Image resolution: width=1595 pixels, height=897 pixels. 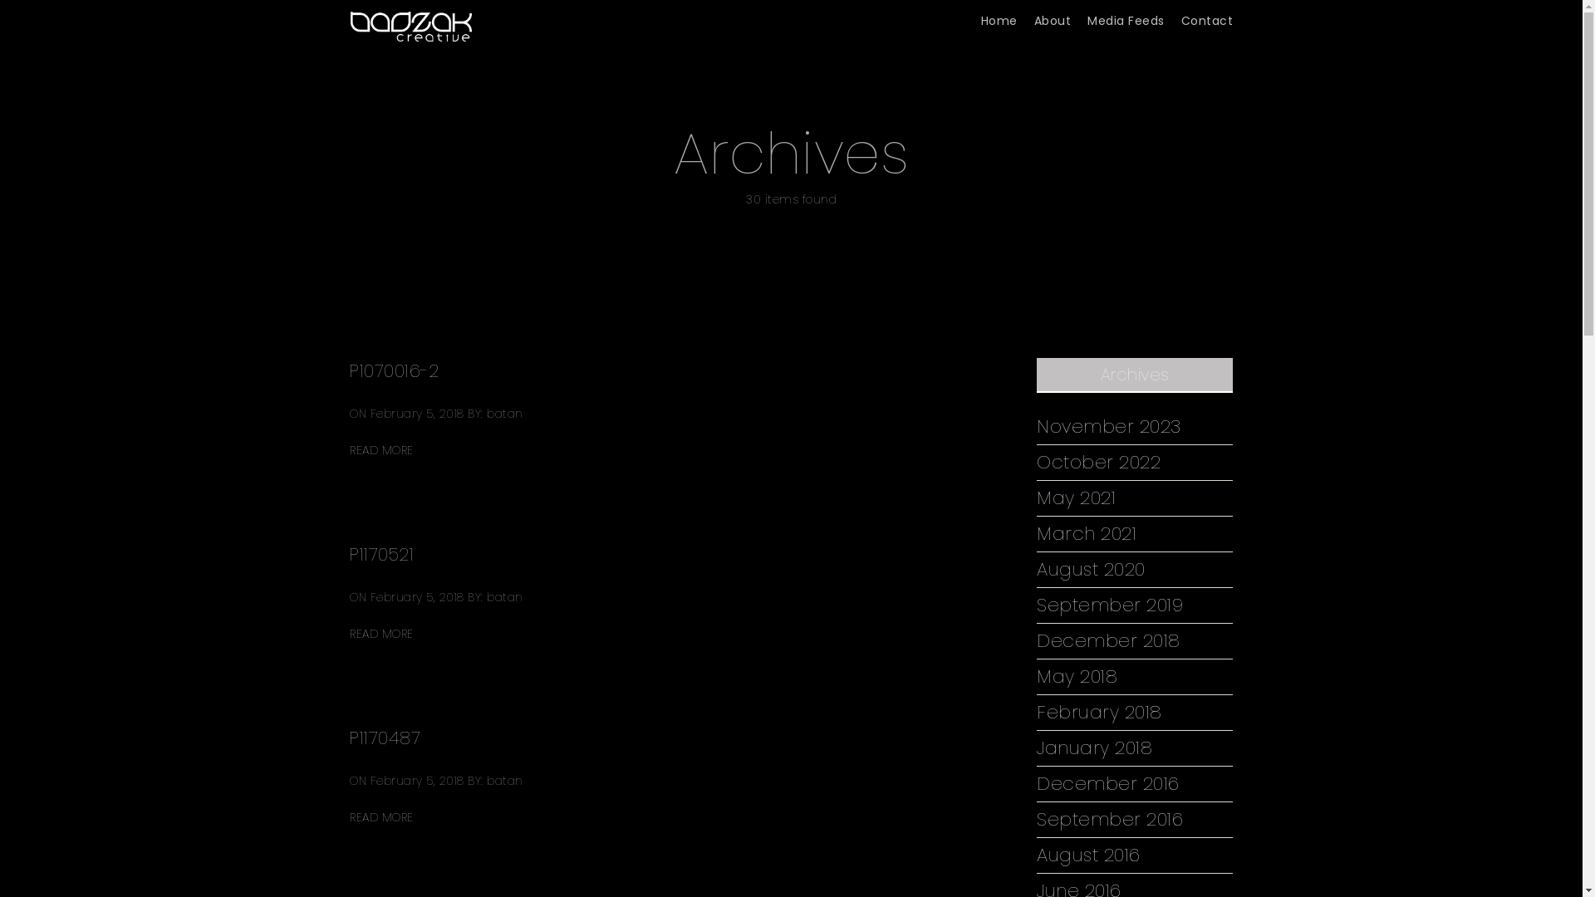 What do you see at coordinates (1108, 640) in the screenshot?
I see `'December 2018'` at bounding box center [1108, 640].